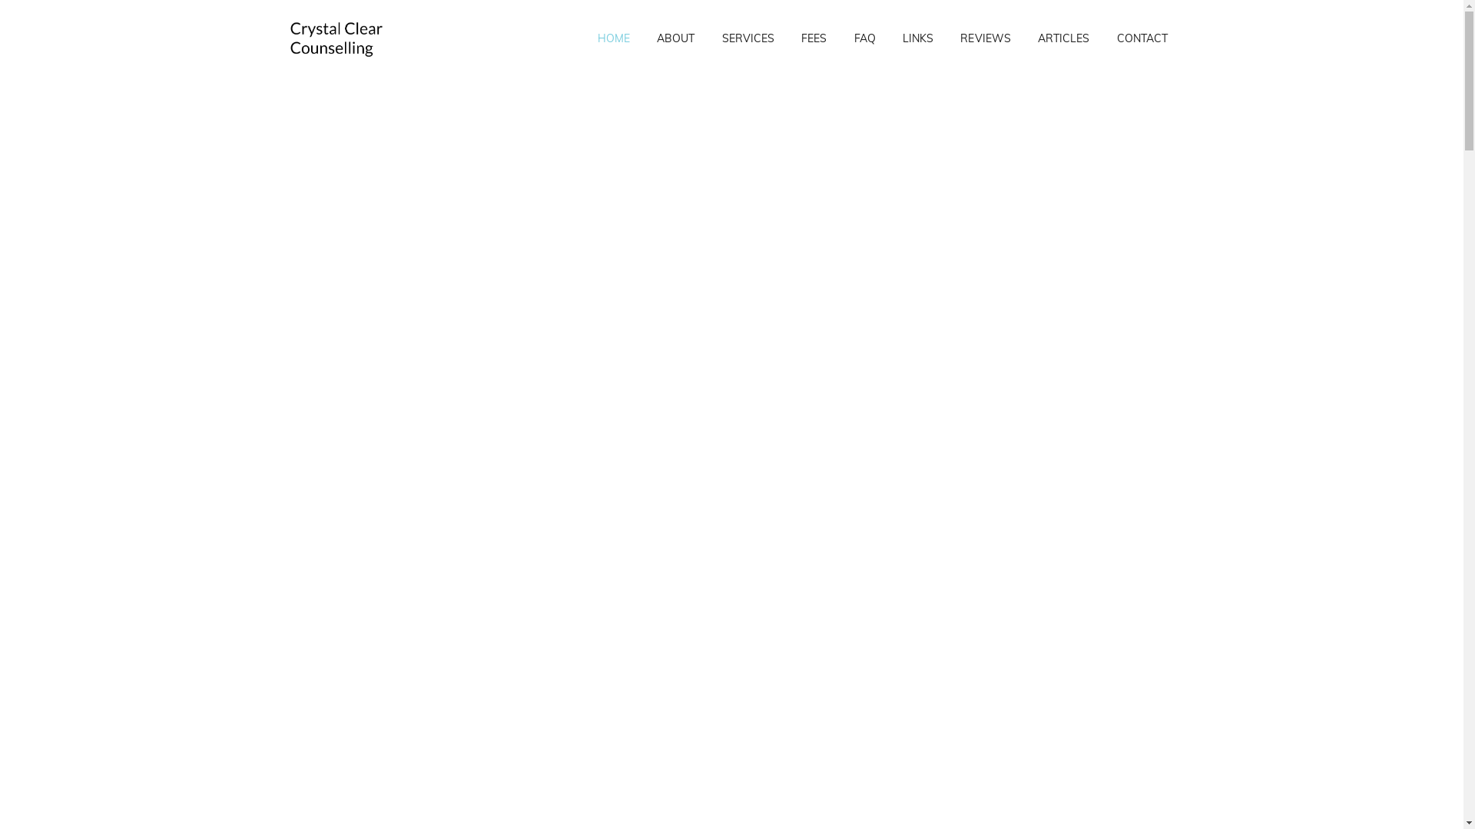 This screenshot has height=829, width=1475. What do you see at coordinates (917, 38) in the screenshot?
I see `'LINKS'` at bounding box center [917, 38].